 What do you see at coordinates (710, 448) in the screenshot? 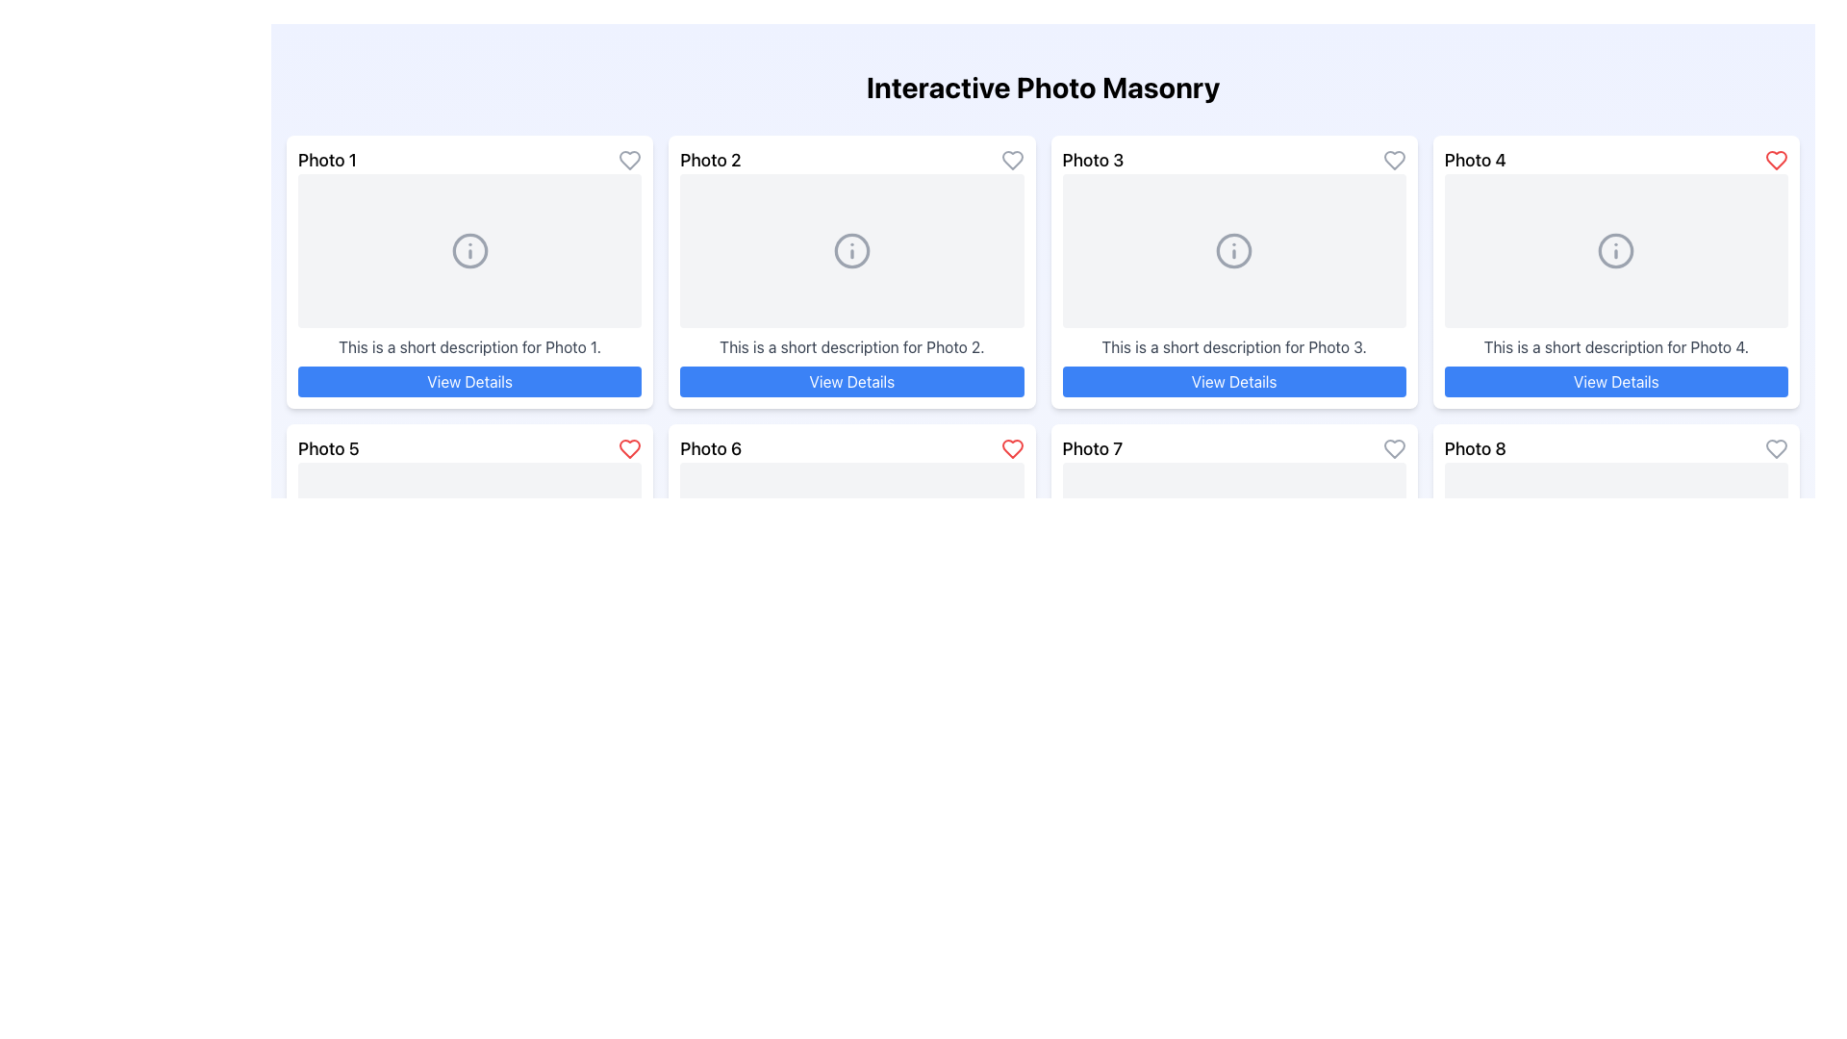
I see `the static text label displaying 'Photo 6' in bold black font, located in the second row and second column of the grid layout` at bounding box center [710, 448].